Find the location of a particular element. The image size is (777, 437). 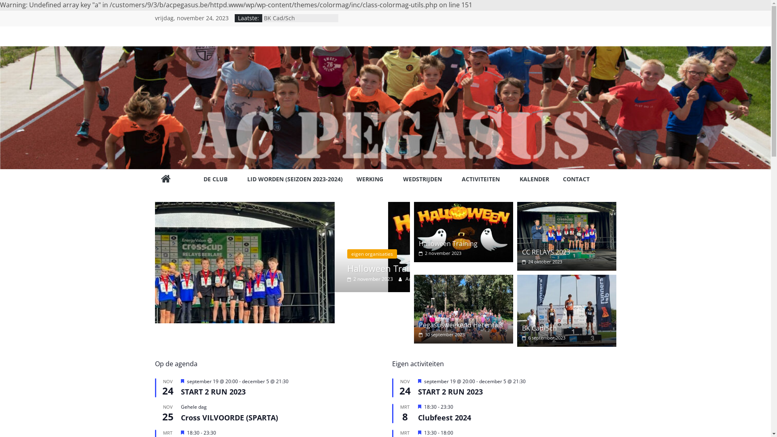

'30 september 2023' is located at coordinates (441, 334).